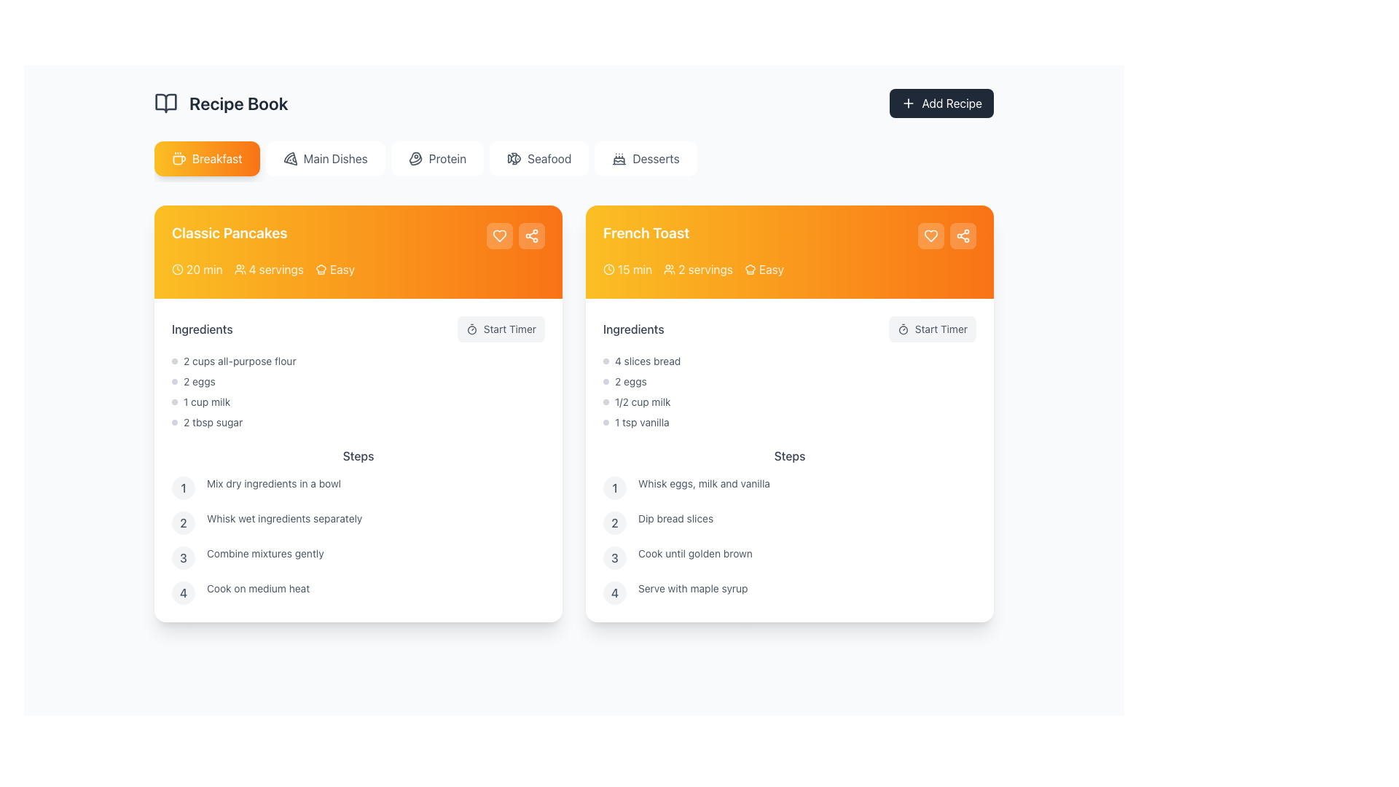 The width and height of the screenshot is (1399, 787). Describe the element at coordinates (694, 557) in the screenshot. I see `instructional text label located in the right panel under the 'French Toast' section, specifically the third step guiding the user to cook until golden brown` at that location.